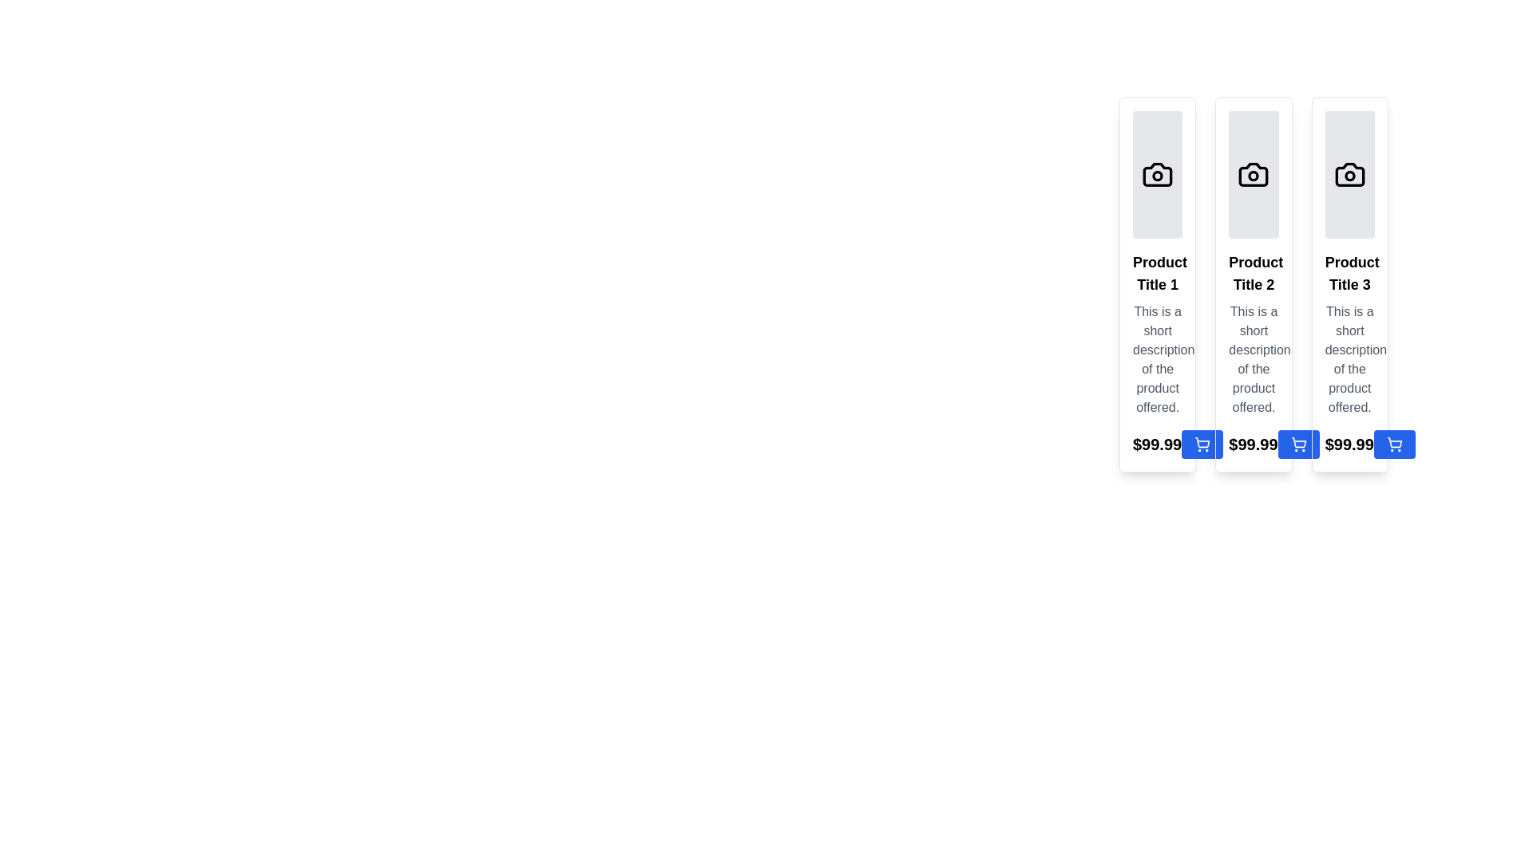 The height and width of the screenshot is (862, 1533). I want to click on the price Text Label displaying '$99.99' located at the bottom center of the product card labeled 'Product Title 2', so click(1253, 444).